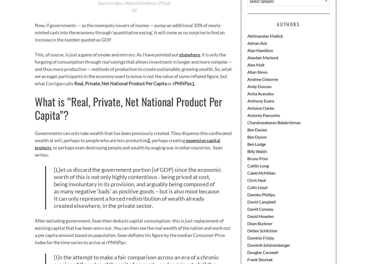  What do you see at coordinates (127, 143) in the screenshot?
I see `'expensive capital projects'` at bounding box center [127, 143].